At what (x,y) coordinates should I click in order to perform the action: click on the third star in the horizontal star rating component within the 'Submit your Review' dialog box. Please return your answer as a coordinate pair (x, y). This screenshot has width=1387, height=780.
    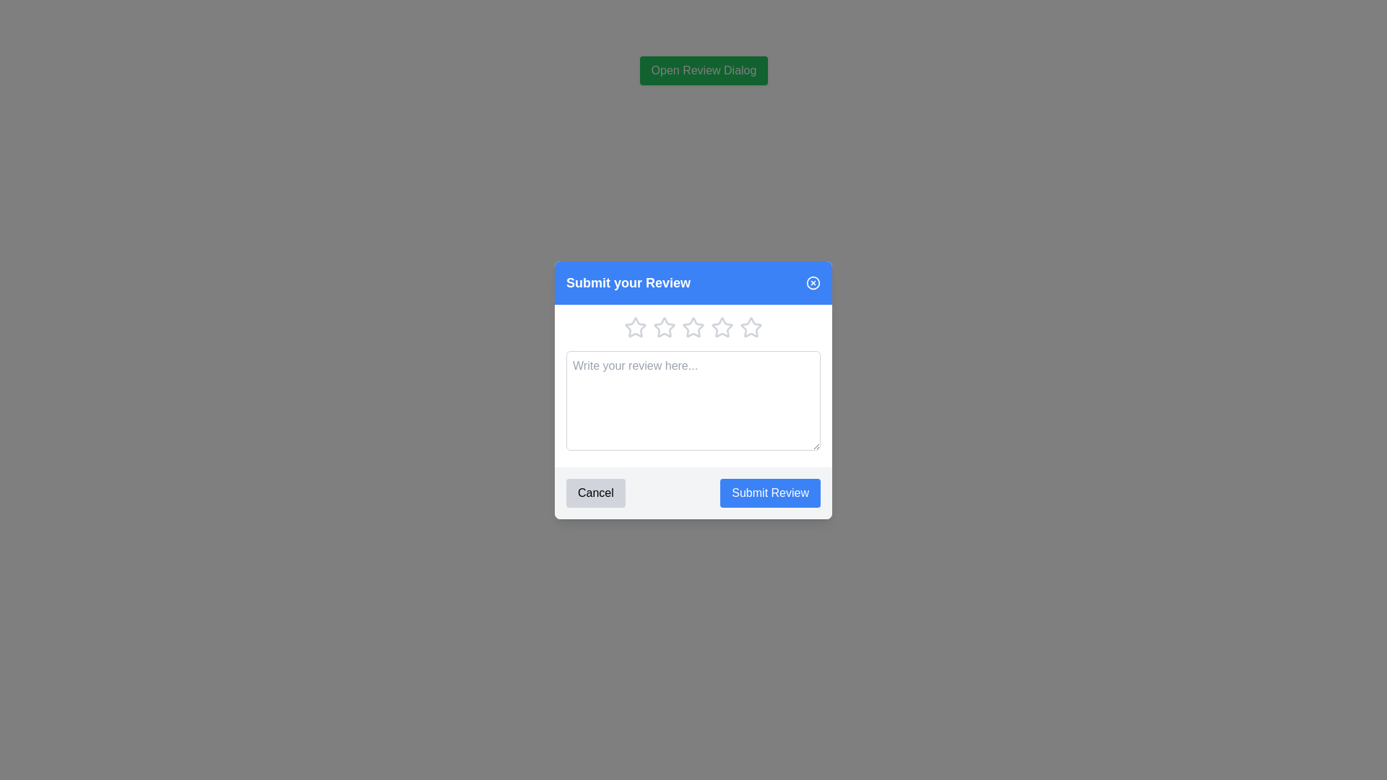
    Looking at the image, I should click on (693, 326).